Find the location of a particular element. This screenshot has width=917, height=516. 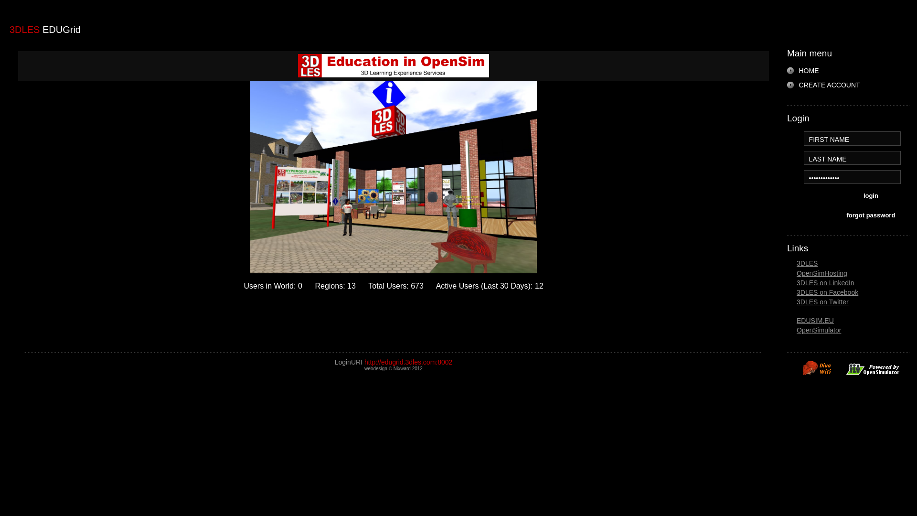

'3DLES on LinkedIn' is located at coordinates (825, 282).